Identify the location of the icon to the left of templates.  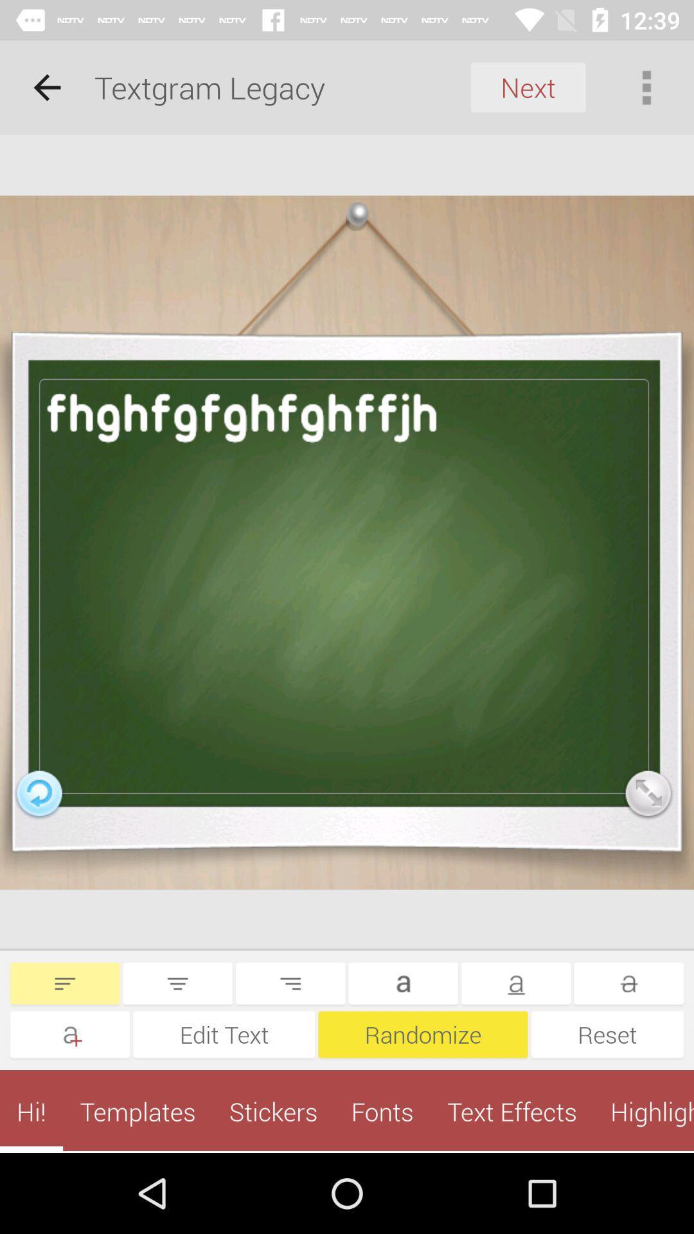
(31, 1111).